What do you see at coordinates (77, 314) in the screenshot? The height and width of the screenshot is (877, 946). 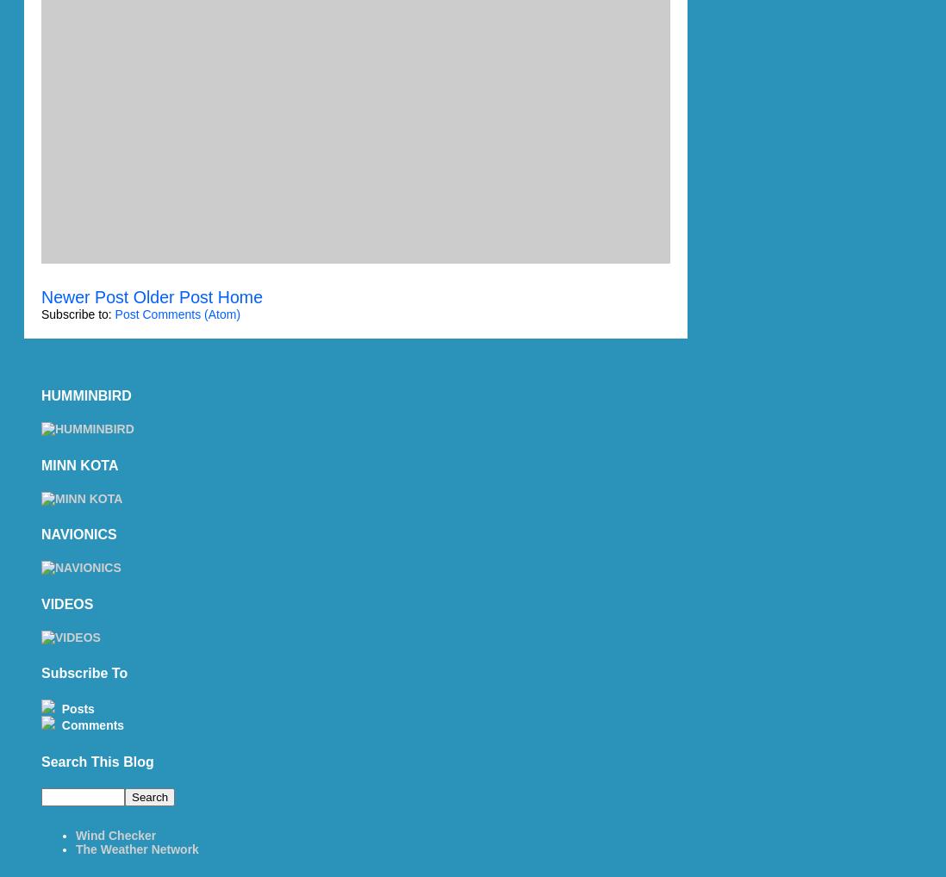 I see `'Subscribe to:'` at bounding box center [77, 314].